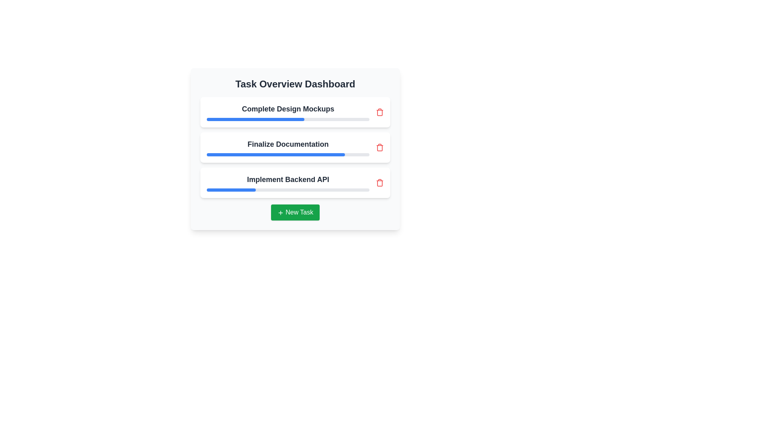 The image size is (771, 433). Describe the element at coordinates (379, 112) in the screenshot. I see `trash icon next to the task titled 'Complete Design Mockups' to delete it` at that location.